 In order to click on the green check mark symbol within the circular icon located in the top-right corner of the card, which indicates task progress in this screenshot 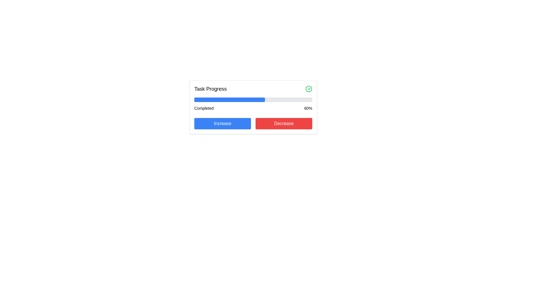, I will do `click(309, 88)`.